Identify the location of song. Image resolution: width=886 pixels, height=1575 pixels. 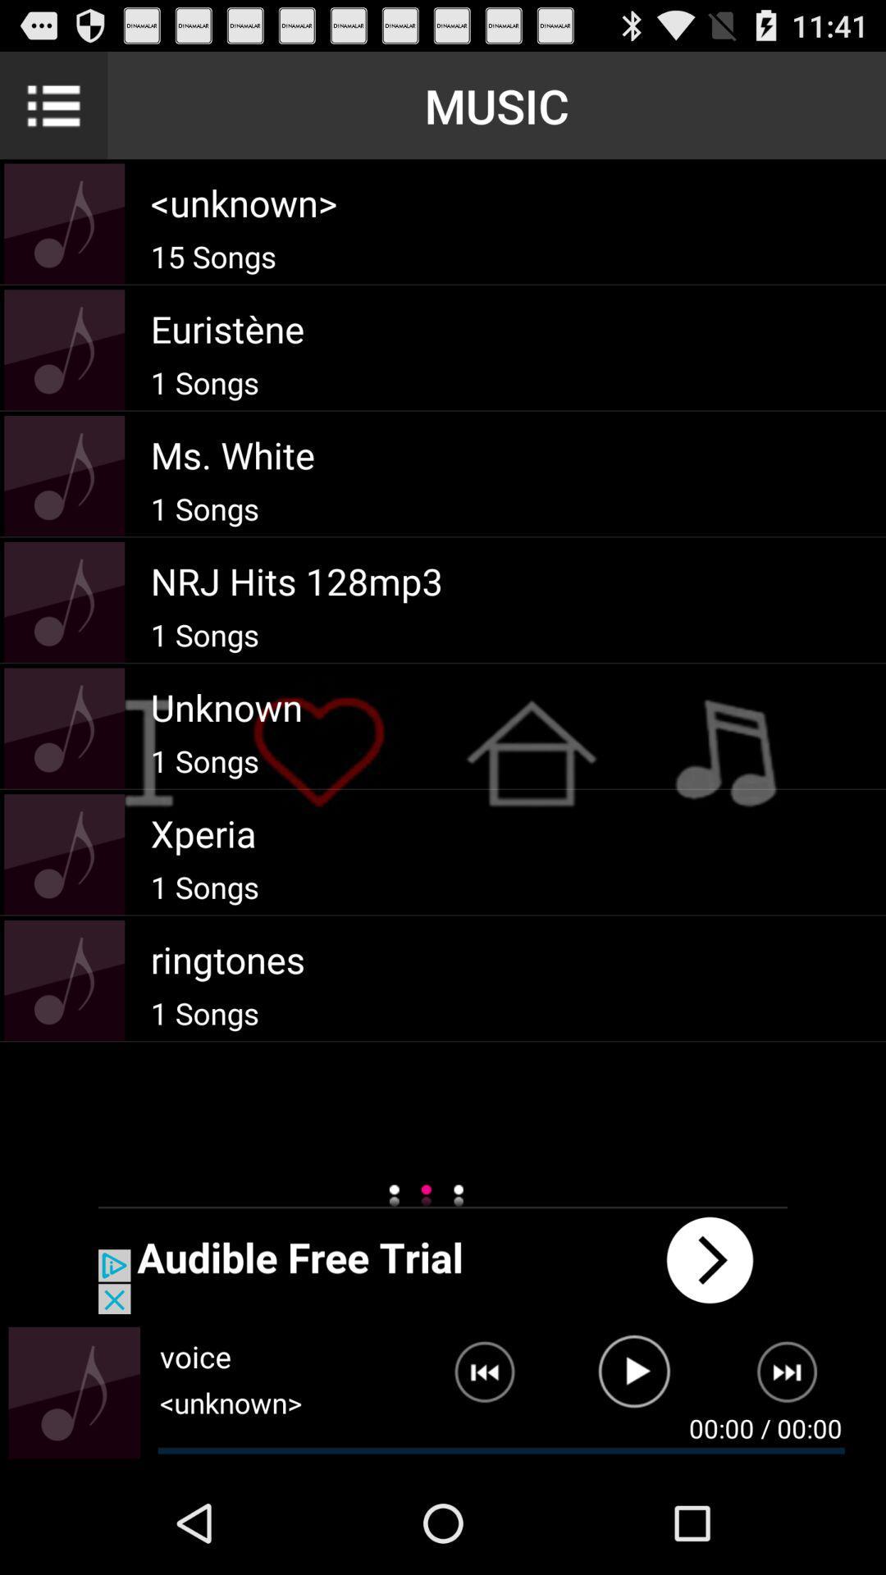
(633, 1378).